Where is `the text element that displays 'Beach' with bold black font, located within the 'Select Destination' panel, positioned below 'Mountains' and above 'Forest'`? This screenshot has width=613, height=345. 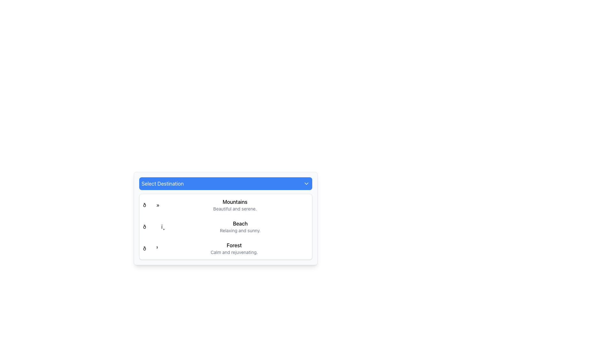 the text element that displays 'Beach' with bold black font, located within the 'Select Destination' panel, positioned below 'Mountains' and above 'Forest' is located at coordinates (240, 226).